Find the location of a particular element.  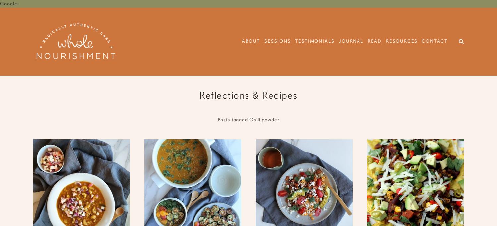

'Sessions' is located at coordinates (277, 41).